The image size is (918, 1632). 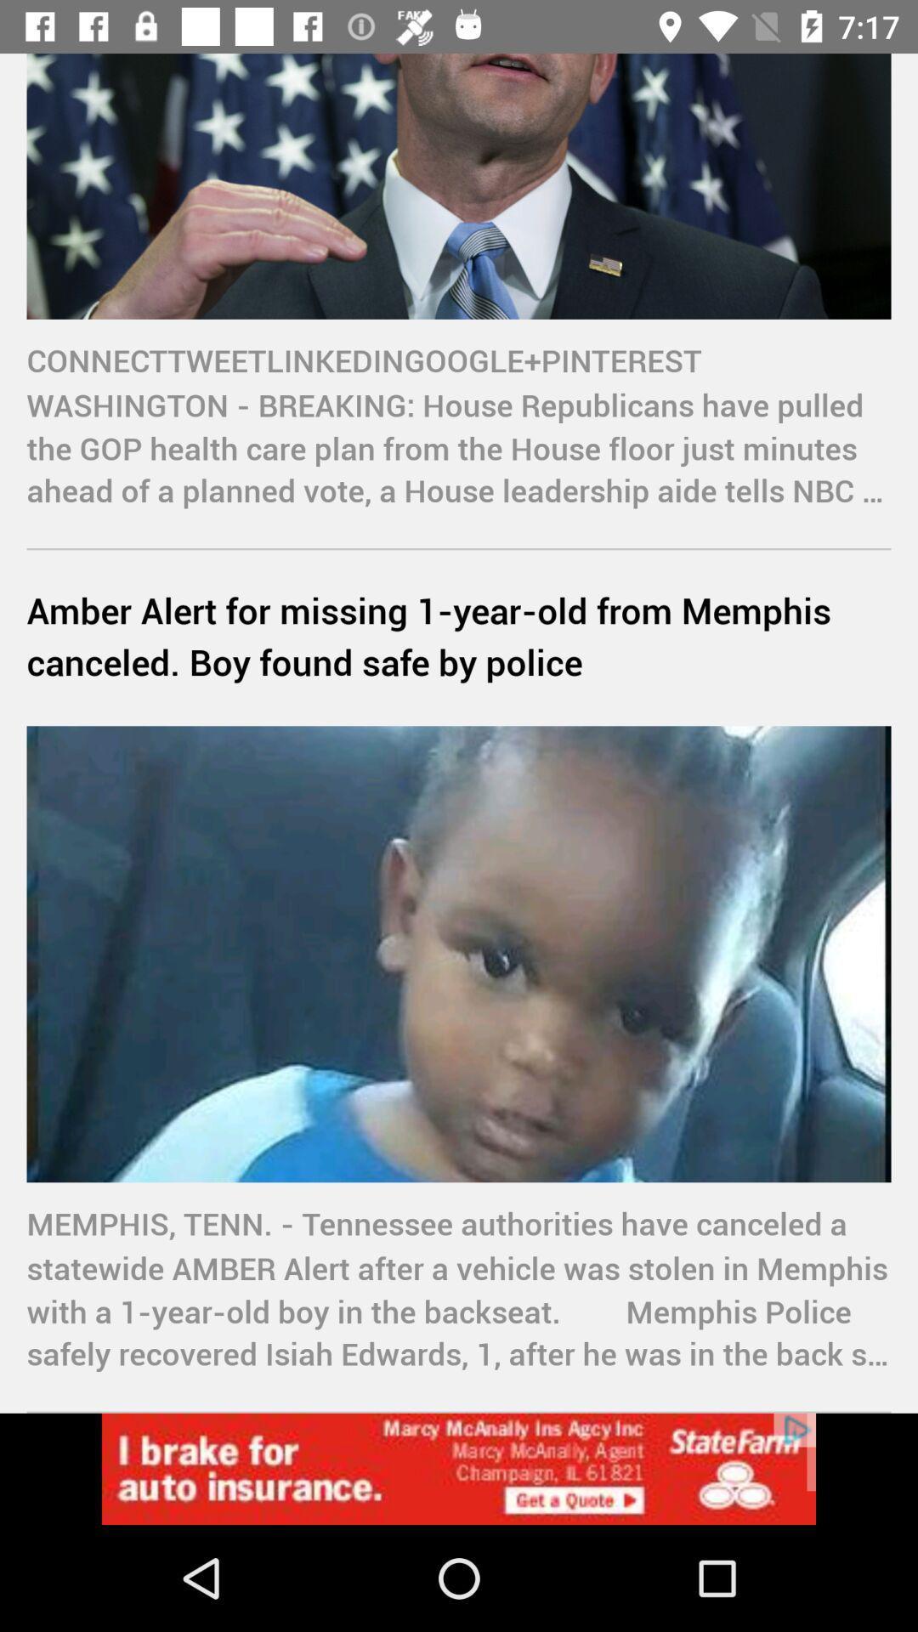 I want to click on advertisement page, so click(x=459, y=1468).